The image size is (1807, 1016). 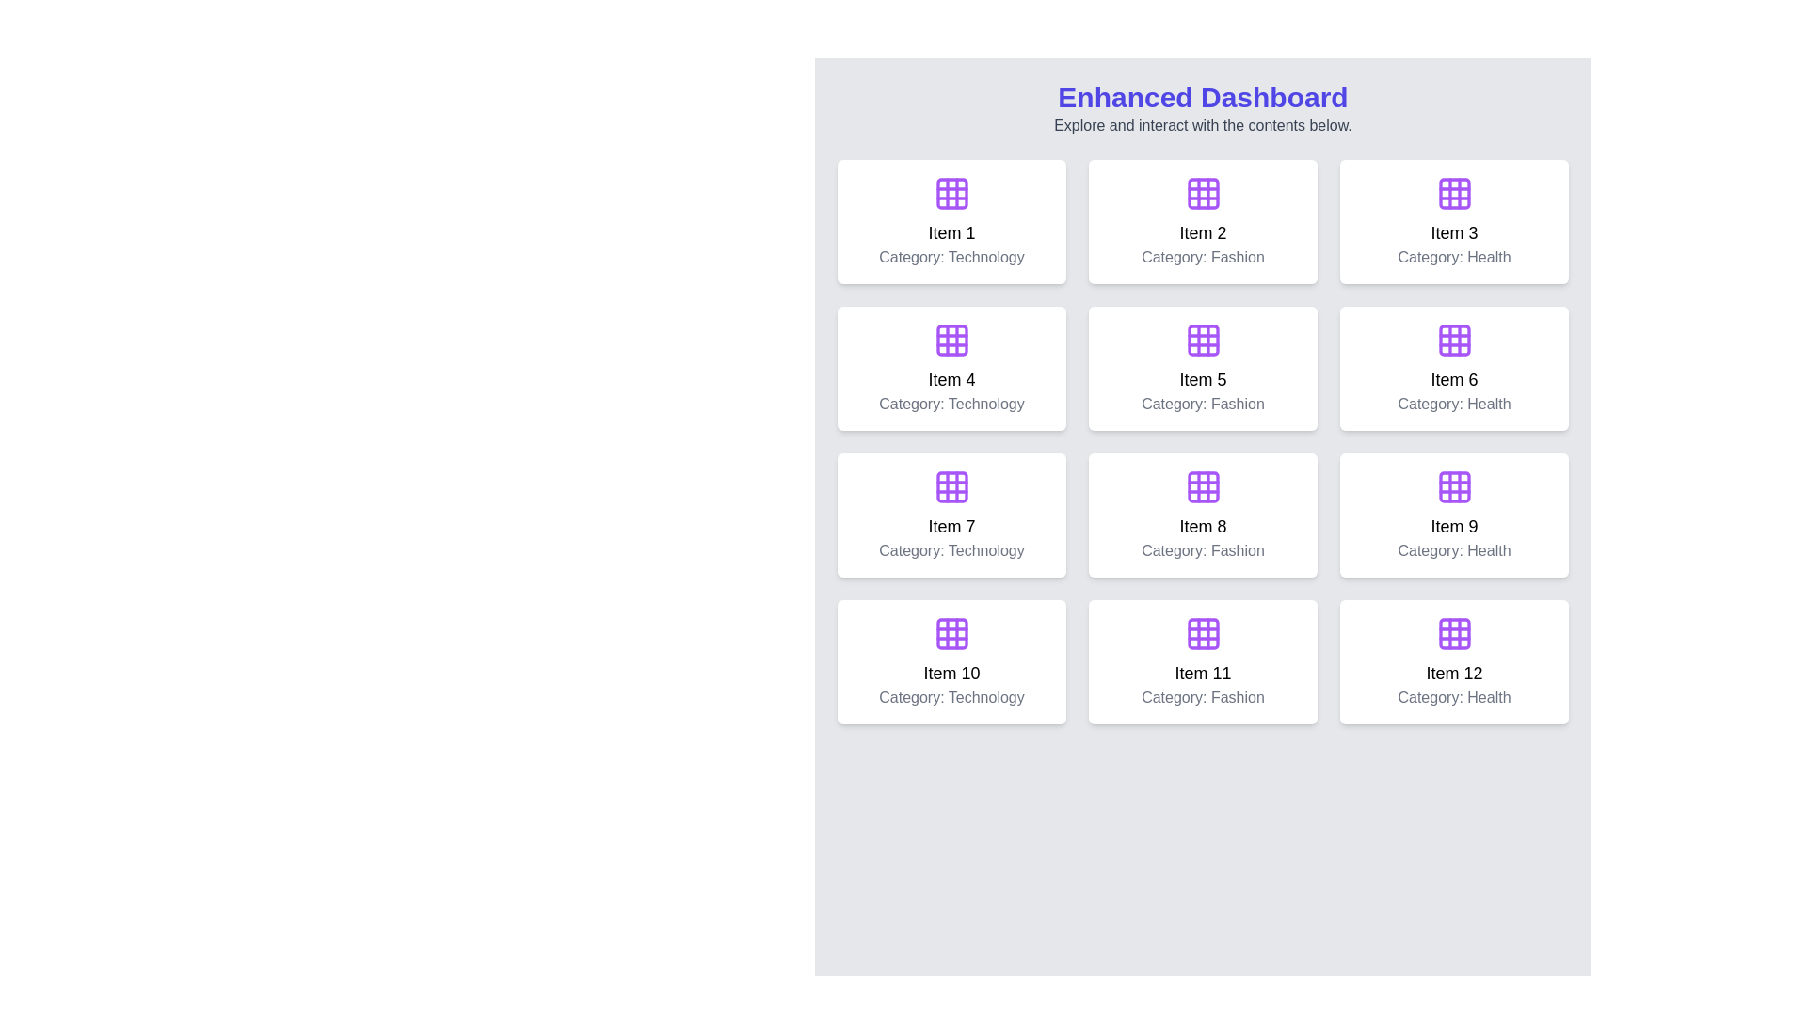 I want to click on the Text label that displays the category of the card's content, located directly underneath the text 'Item 10' in the bottom-center area of the card, so click(x=951, y=697).